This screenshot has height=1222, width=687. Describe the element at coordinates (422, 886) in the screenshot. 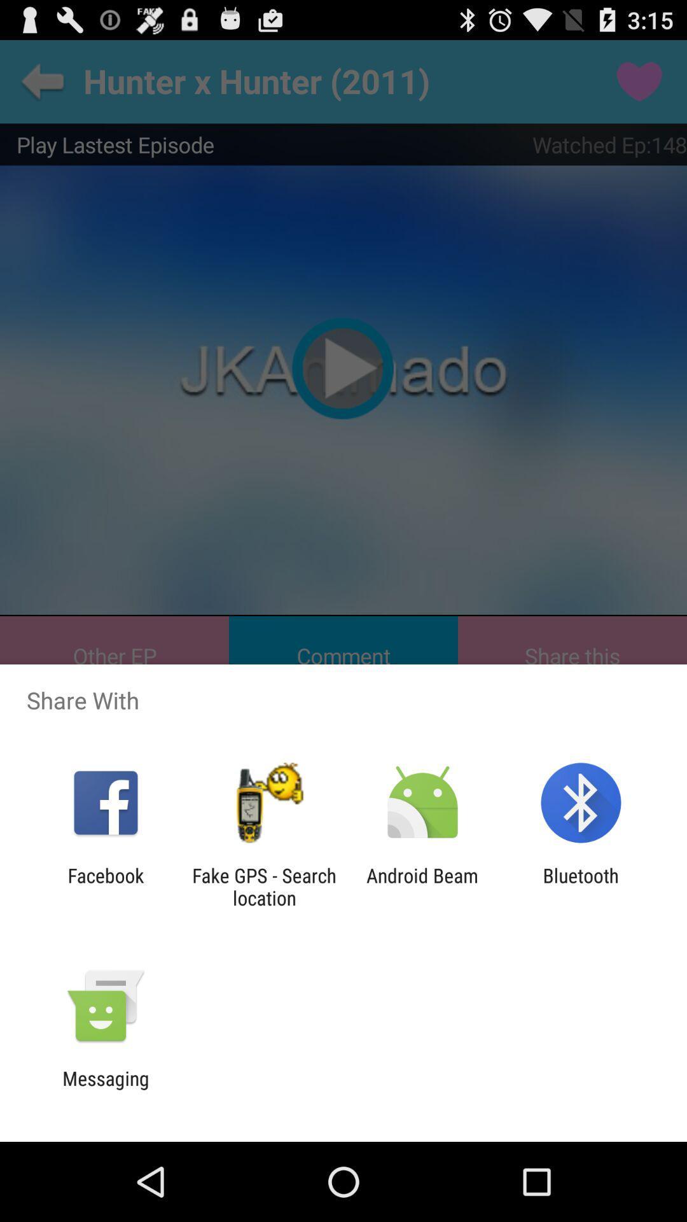

I see `app next to fake gps search app` at that location.